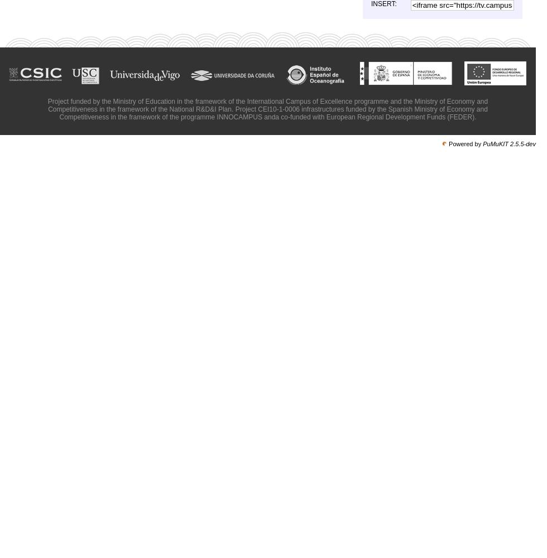 The width and height of the screenshot is (547, 558). What do you see at coordinates (418, 347) in the screenshot?
I see `'Into the deep: epibenthic communities on the conti'` at bounding box center [418, 347].